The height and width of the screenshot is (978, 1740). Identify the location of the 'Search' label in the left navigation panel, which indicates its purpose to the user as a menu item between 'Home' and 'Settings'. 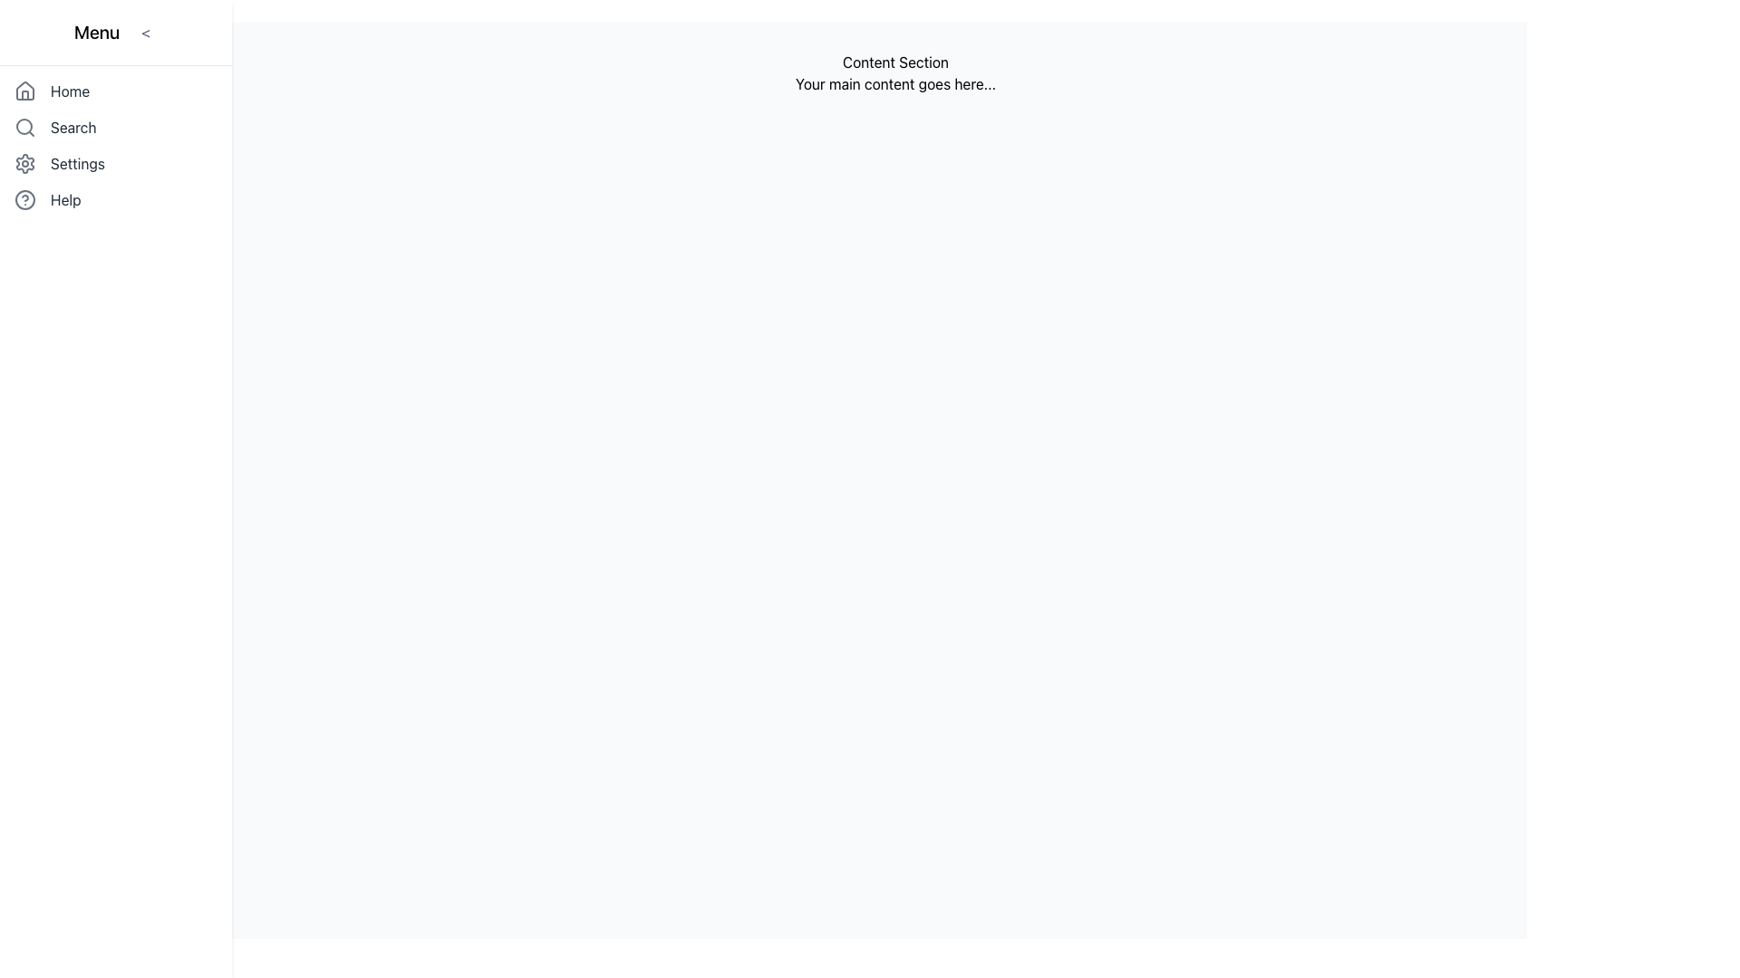
(72, 127).